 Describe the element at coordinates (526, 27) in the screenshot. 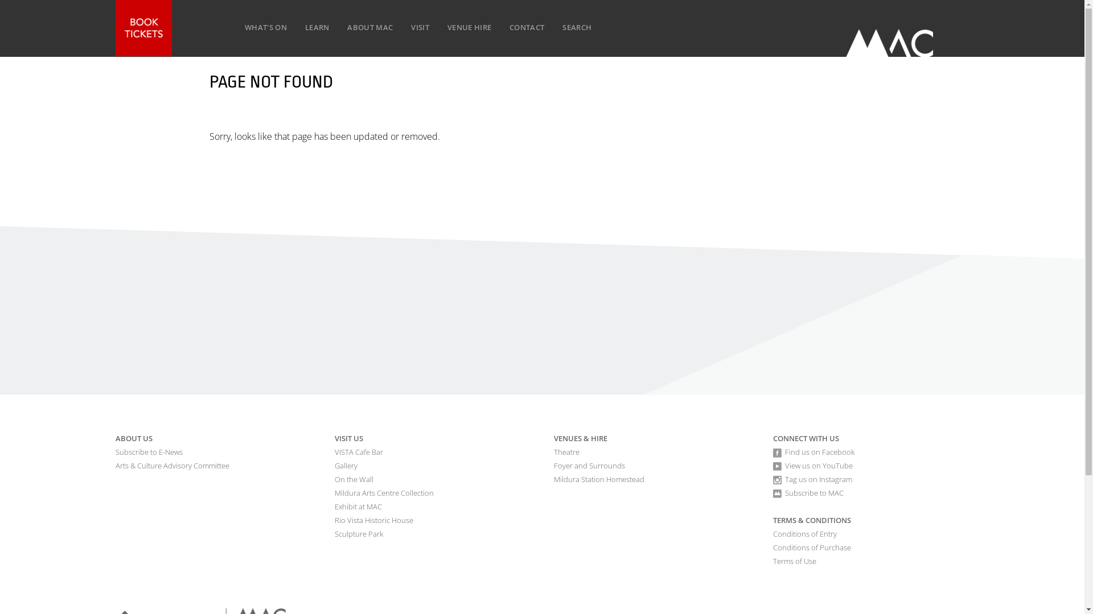

I see `'CONTACT'` at that location.